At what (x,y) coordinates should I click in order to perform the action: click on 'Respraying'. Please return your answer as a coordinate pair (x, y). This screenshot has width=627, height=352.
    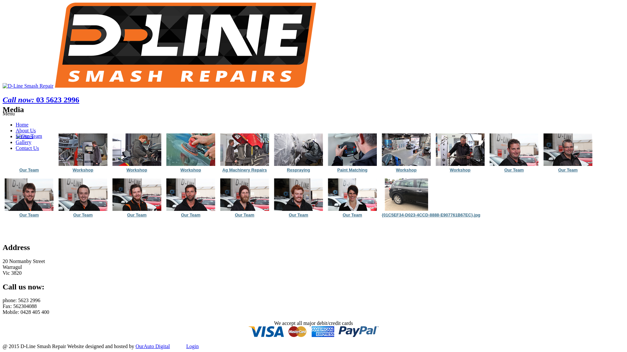
    Looking at the image, I should click on (298, 169).